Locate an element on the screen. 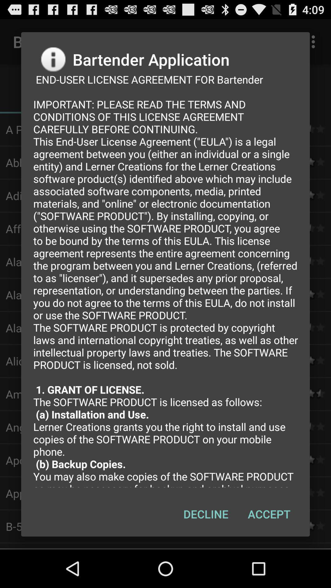  decline item is located at coordinates (206, 514).